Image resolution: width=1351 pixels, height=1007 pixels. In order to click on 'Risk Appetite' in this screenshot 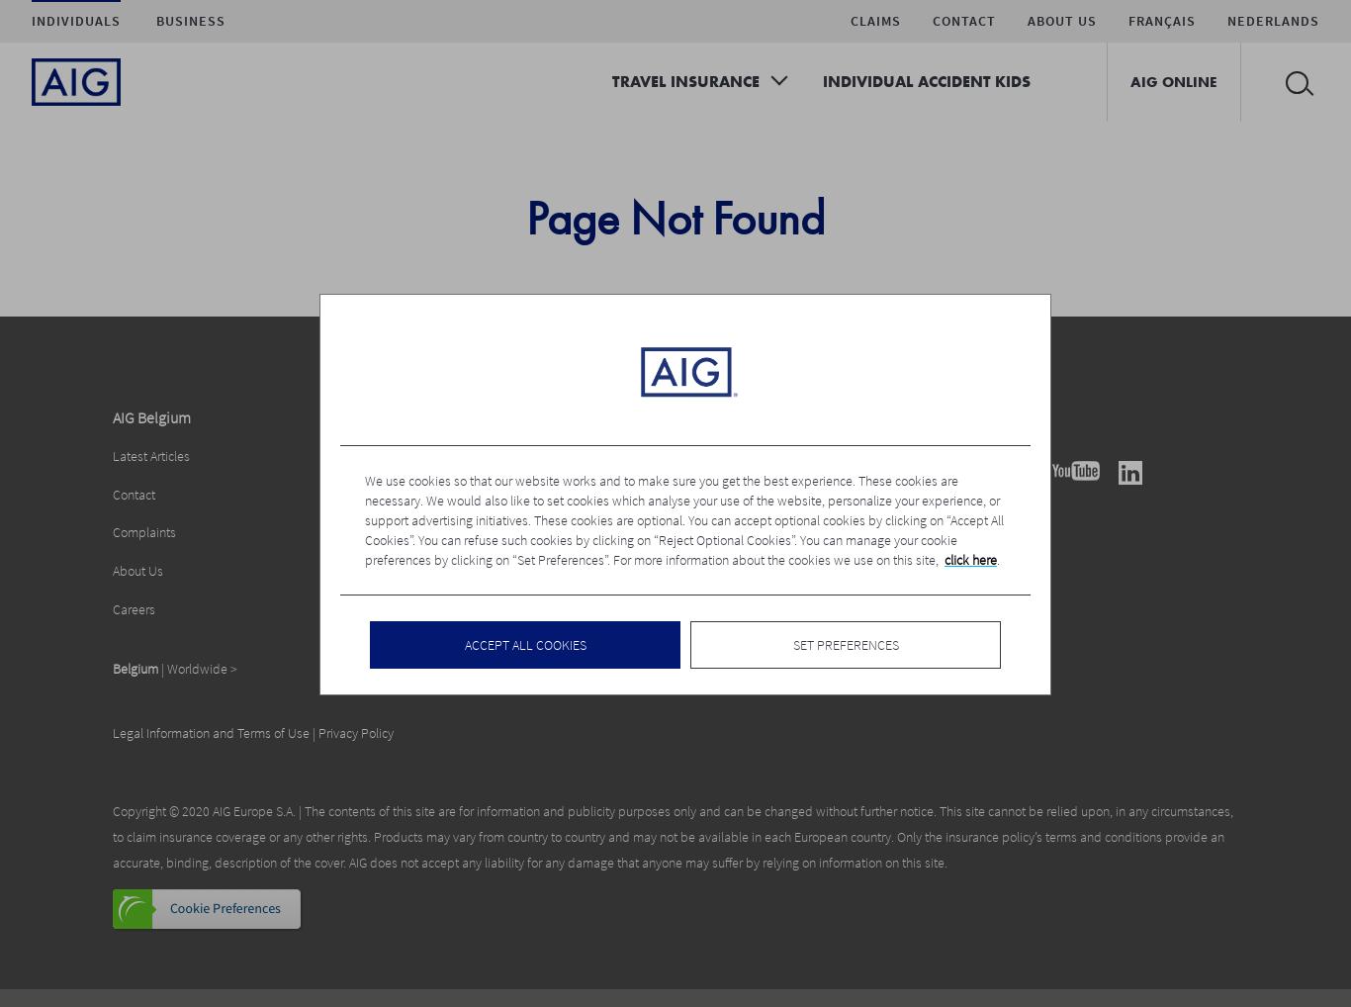, I will do `click(393, 494)`.